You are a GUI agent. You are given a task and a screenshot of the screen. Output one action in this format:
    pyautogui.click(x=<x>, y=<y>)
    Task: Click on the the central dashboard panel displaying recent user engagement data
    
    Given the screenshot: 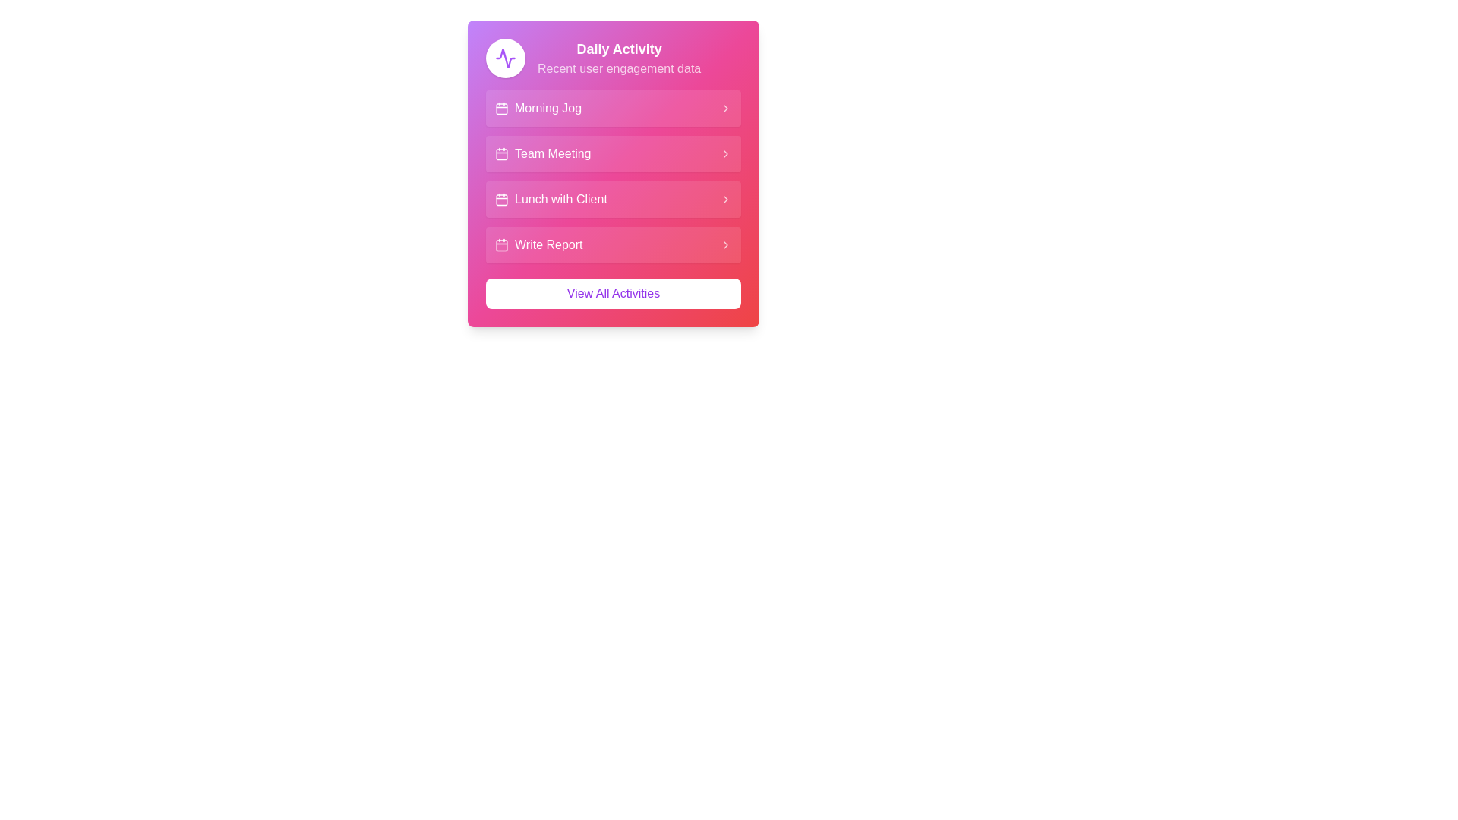 What is the action you would take?
    pyautogui.click(x=613, y=172)
    